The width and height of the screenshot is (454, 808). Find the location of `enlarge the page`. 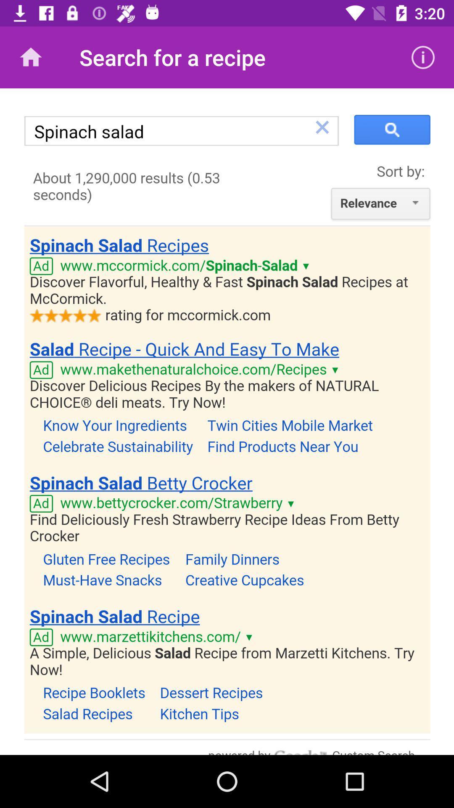

enlarge the page is located at coordinates (227, 422).